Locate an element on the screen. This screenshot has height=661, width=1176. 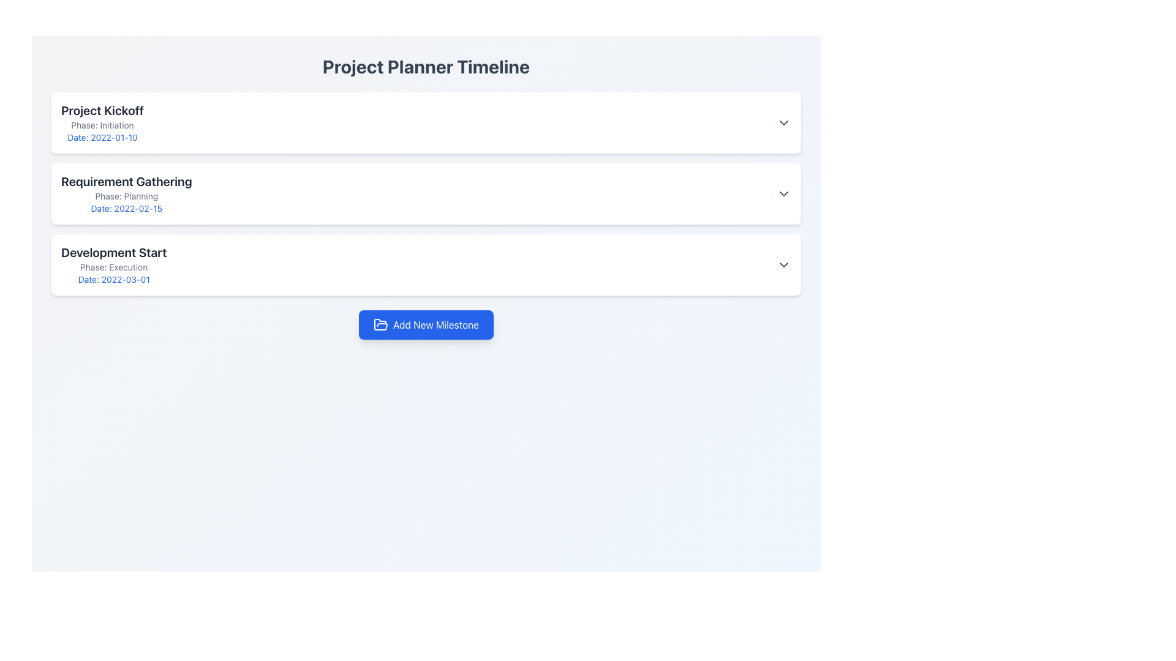
the expansion icon located at the right end of the 'Development Start' milestone section, which is the third item in the chronological list is located at coordinates (784, 264).